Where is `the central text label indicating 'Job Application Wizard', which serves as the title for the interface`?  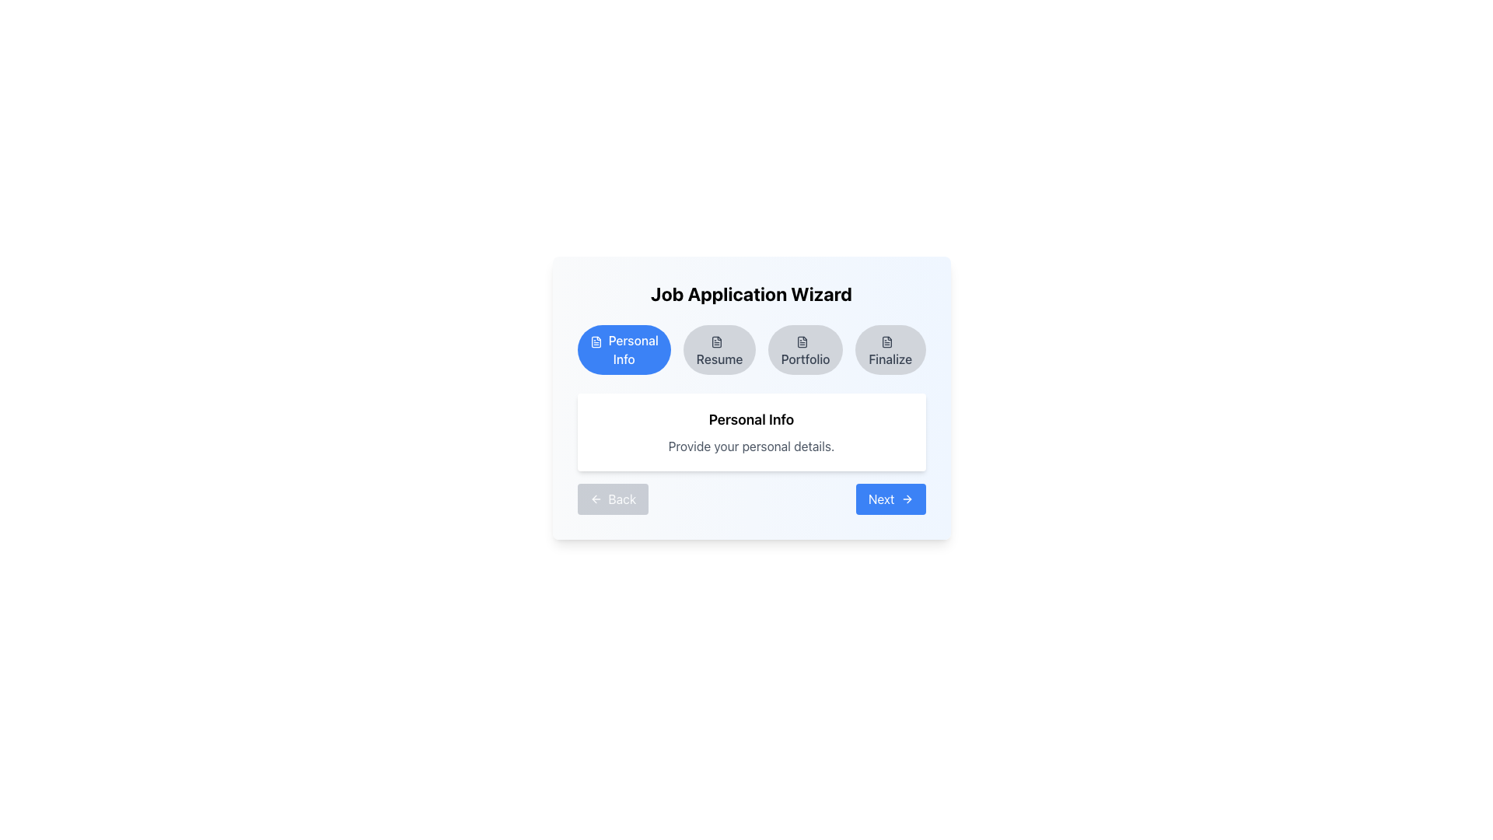 the central text label indicating 'Job Application Wizard', which serves as the title for the interface is located at coordinates (751, 294).